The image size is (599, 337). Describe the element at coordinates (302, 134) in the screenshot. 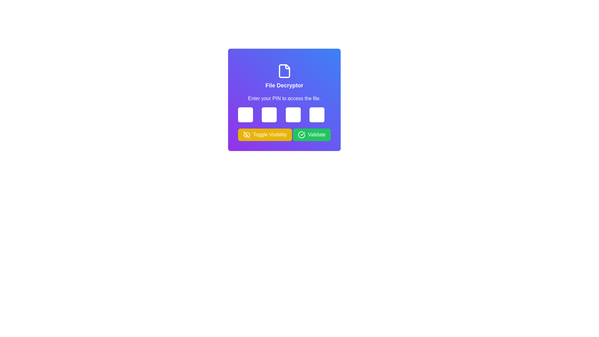

I see `the graphic icon with a checkmark symbol located inside the green 'Validate' button, positioned to the left of the text 'Validate'` at that location.